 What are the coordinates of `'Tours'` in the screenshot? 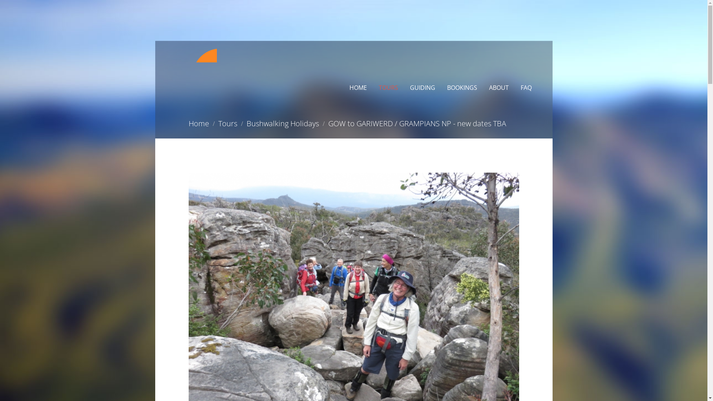 It's located at (227, 123).